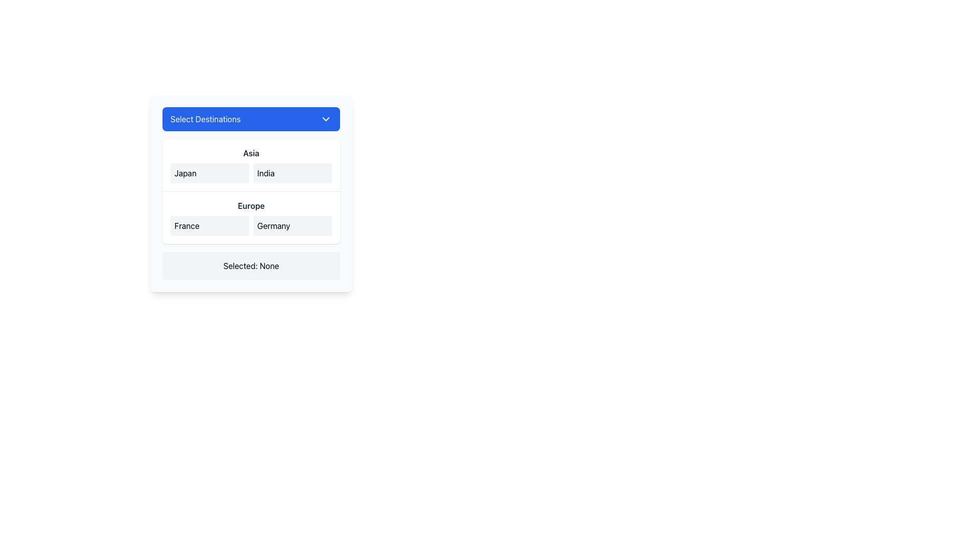  Describe the element at coordinates (292, 173) in the screenshot. I see `the 'India' button located in the 'Asia' section, which is the second button in a row` at that location.